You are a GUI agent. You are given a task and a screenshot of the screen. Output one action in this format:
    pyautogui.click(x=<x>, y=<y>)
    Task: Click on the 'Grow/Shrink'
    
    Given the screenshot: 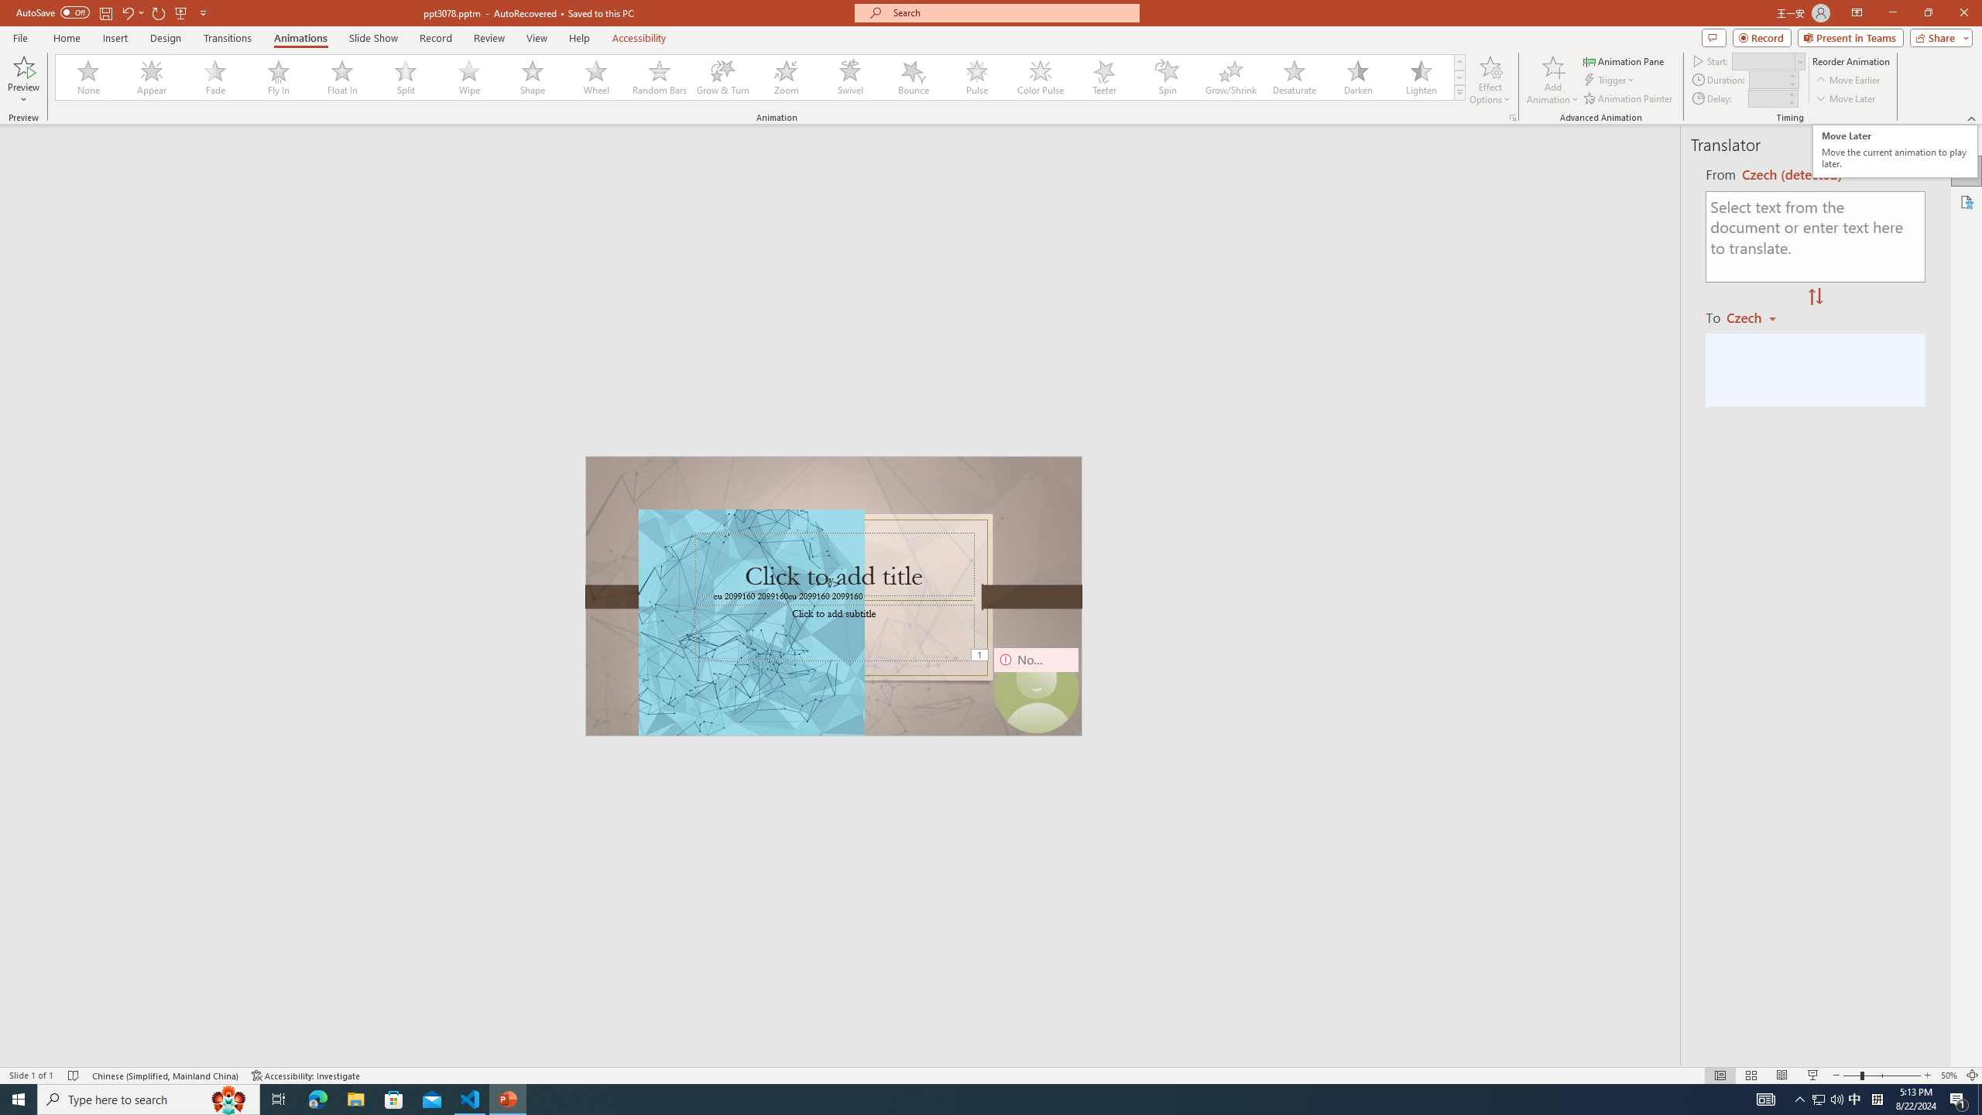 What is the action you would take?
    pyautogui.click(x=1230, y=77)
    